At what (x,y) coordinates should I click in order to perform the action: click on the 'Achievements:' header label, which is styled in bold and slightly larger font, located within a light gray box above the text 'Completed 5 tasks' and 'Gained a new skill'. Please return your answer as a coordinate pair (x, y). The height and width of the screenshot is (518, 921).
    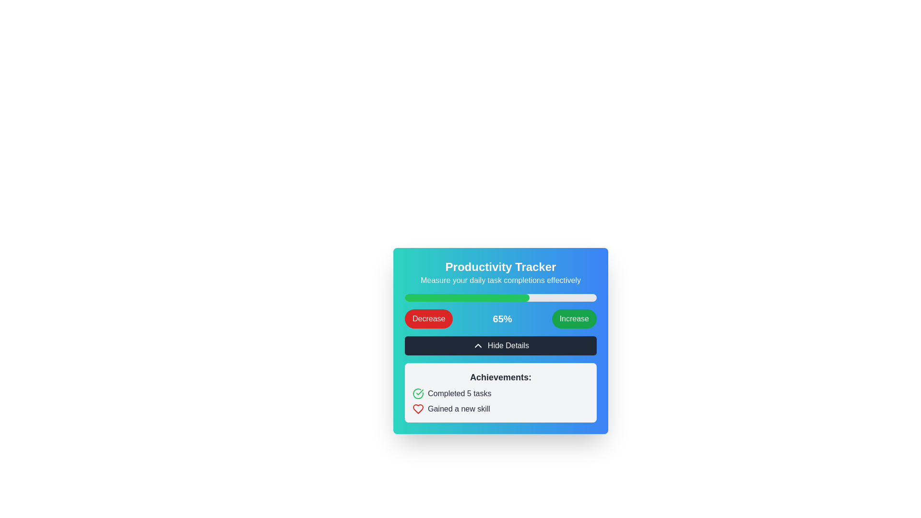
    Looking at the image, I should click on (500, 377).